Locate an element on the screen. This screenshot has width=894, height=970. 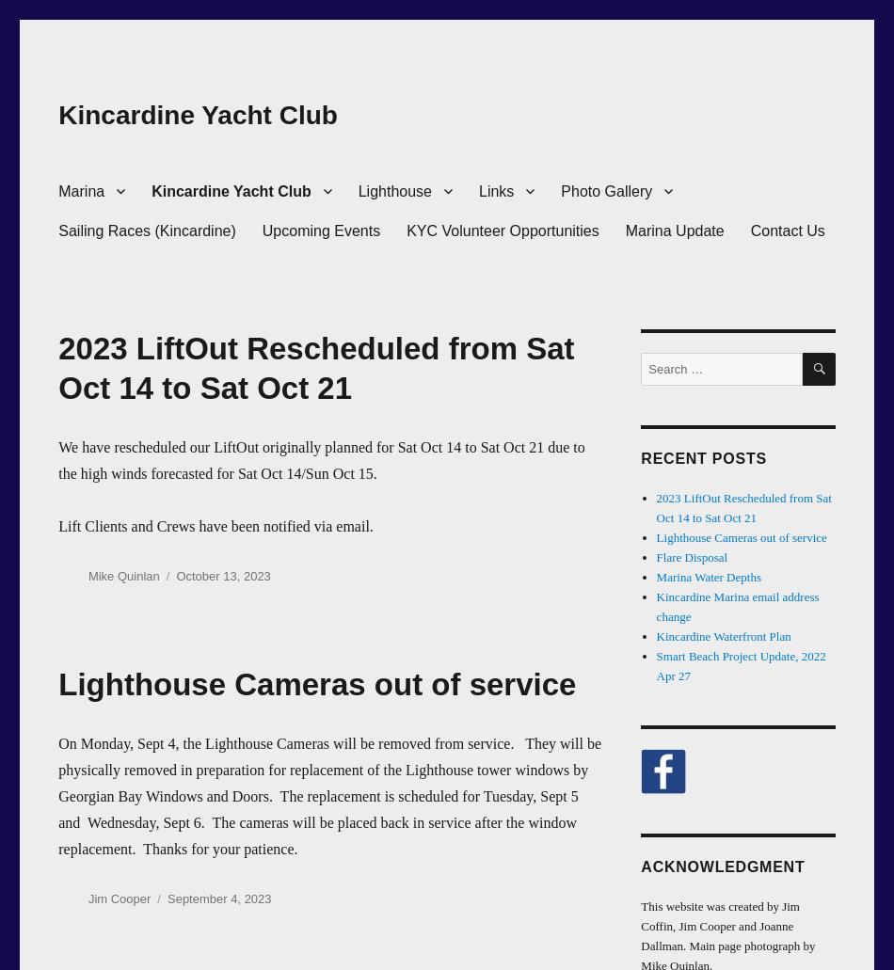
'Recent Posts' is located at coordinates (702, 458).